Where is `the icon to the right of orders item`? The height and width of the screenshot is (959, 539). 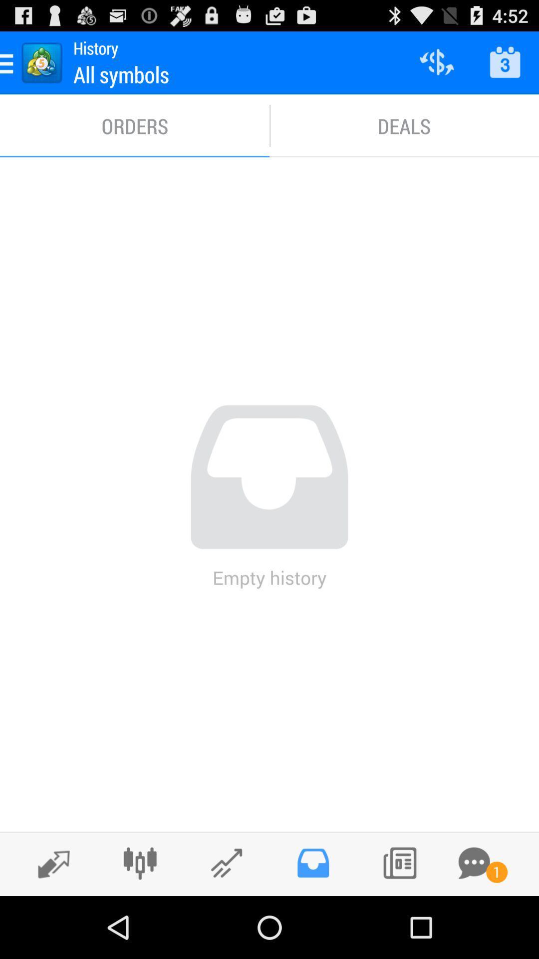 the icon to the right of orders item is located at coordinates (404, 125).